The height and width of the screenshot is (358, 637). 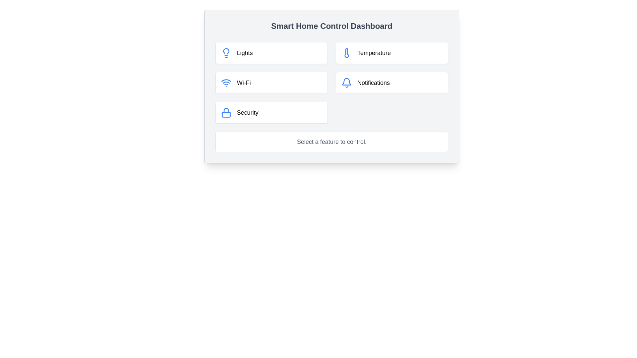 What do you see at coordinates (392, 52) in the screenshot?
I see `the temperature control button located on the right side of the grid layout, in the first row, second column` at bounding box center [392, 52].